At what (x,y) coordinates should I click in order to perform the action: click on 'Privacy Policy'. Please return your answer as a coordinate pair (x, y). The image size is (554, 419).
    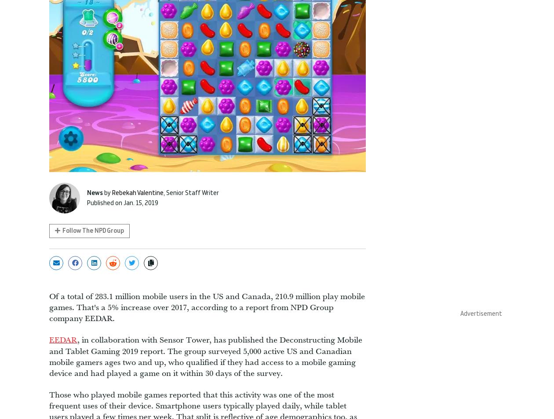
    Looking at the image, I should click on (298, 372).